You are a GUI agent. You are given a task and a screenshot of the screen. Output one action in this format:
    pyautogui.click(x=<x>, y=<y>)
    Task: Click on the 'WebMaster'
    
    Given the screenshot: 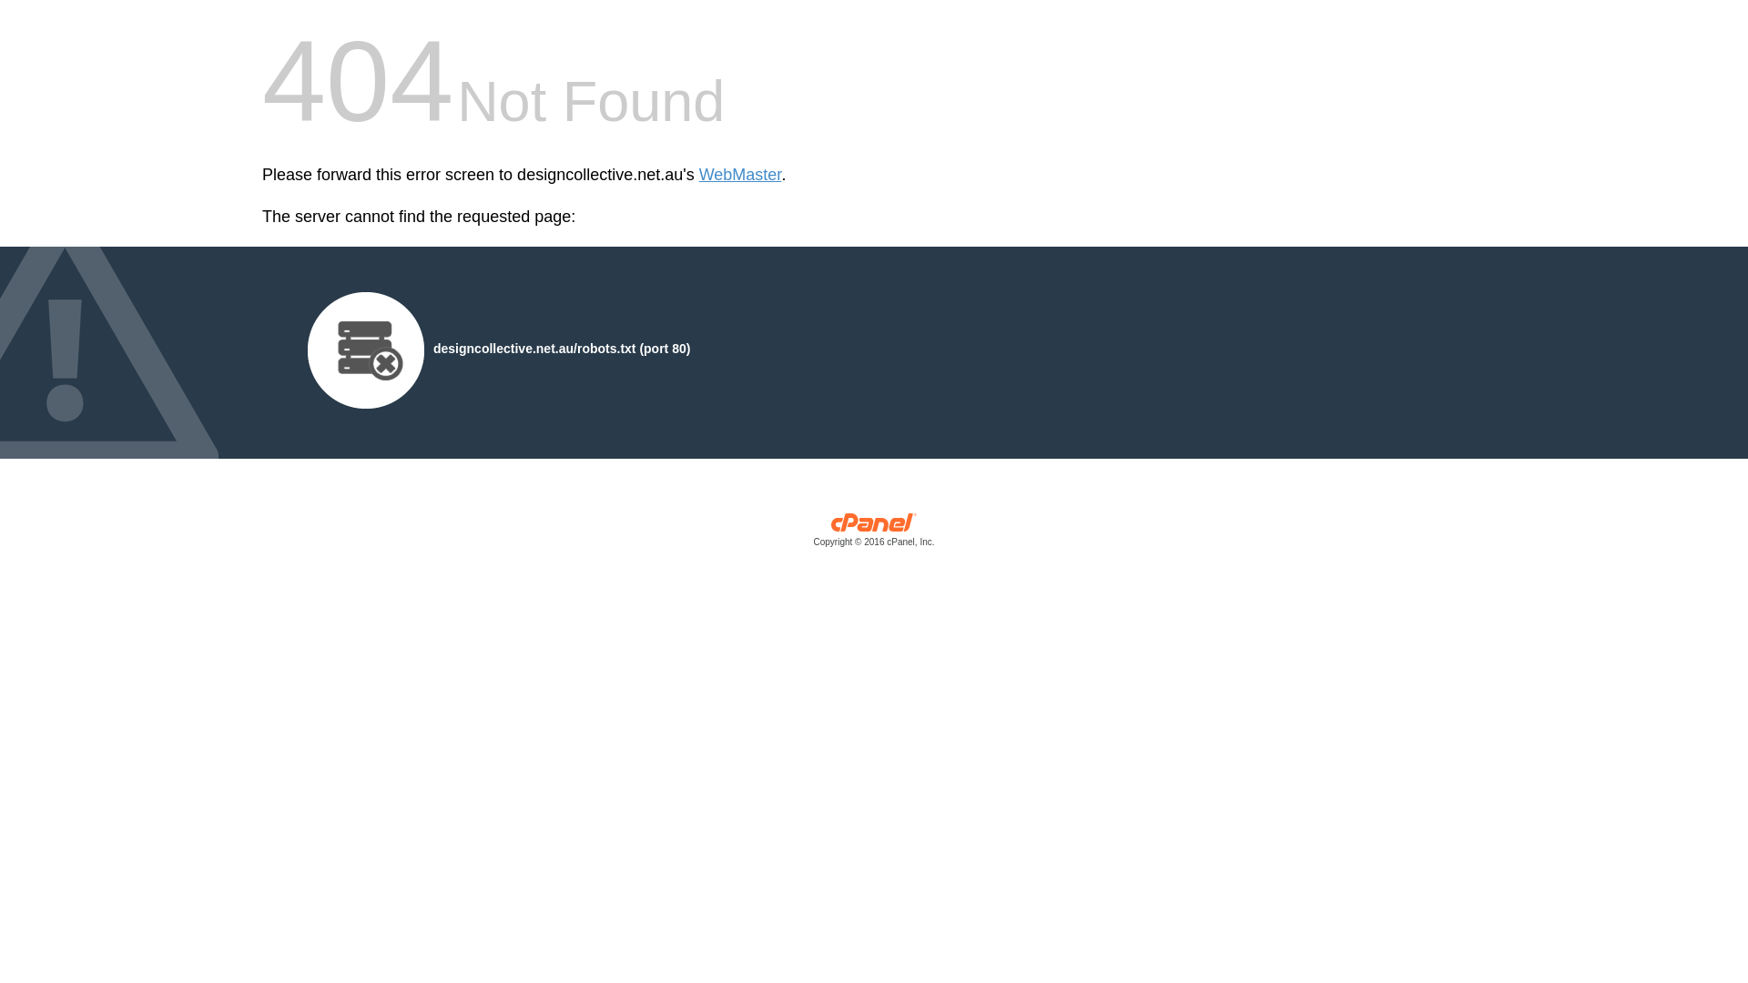 What is the action you would take?
    pyautogui.click(x=740, y=175)
    